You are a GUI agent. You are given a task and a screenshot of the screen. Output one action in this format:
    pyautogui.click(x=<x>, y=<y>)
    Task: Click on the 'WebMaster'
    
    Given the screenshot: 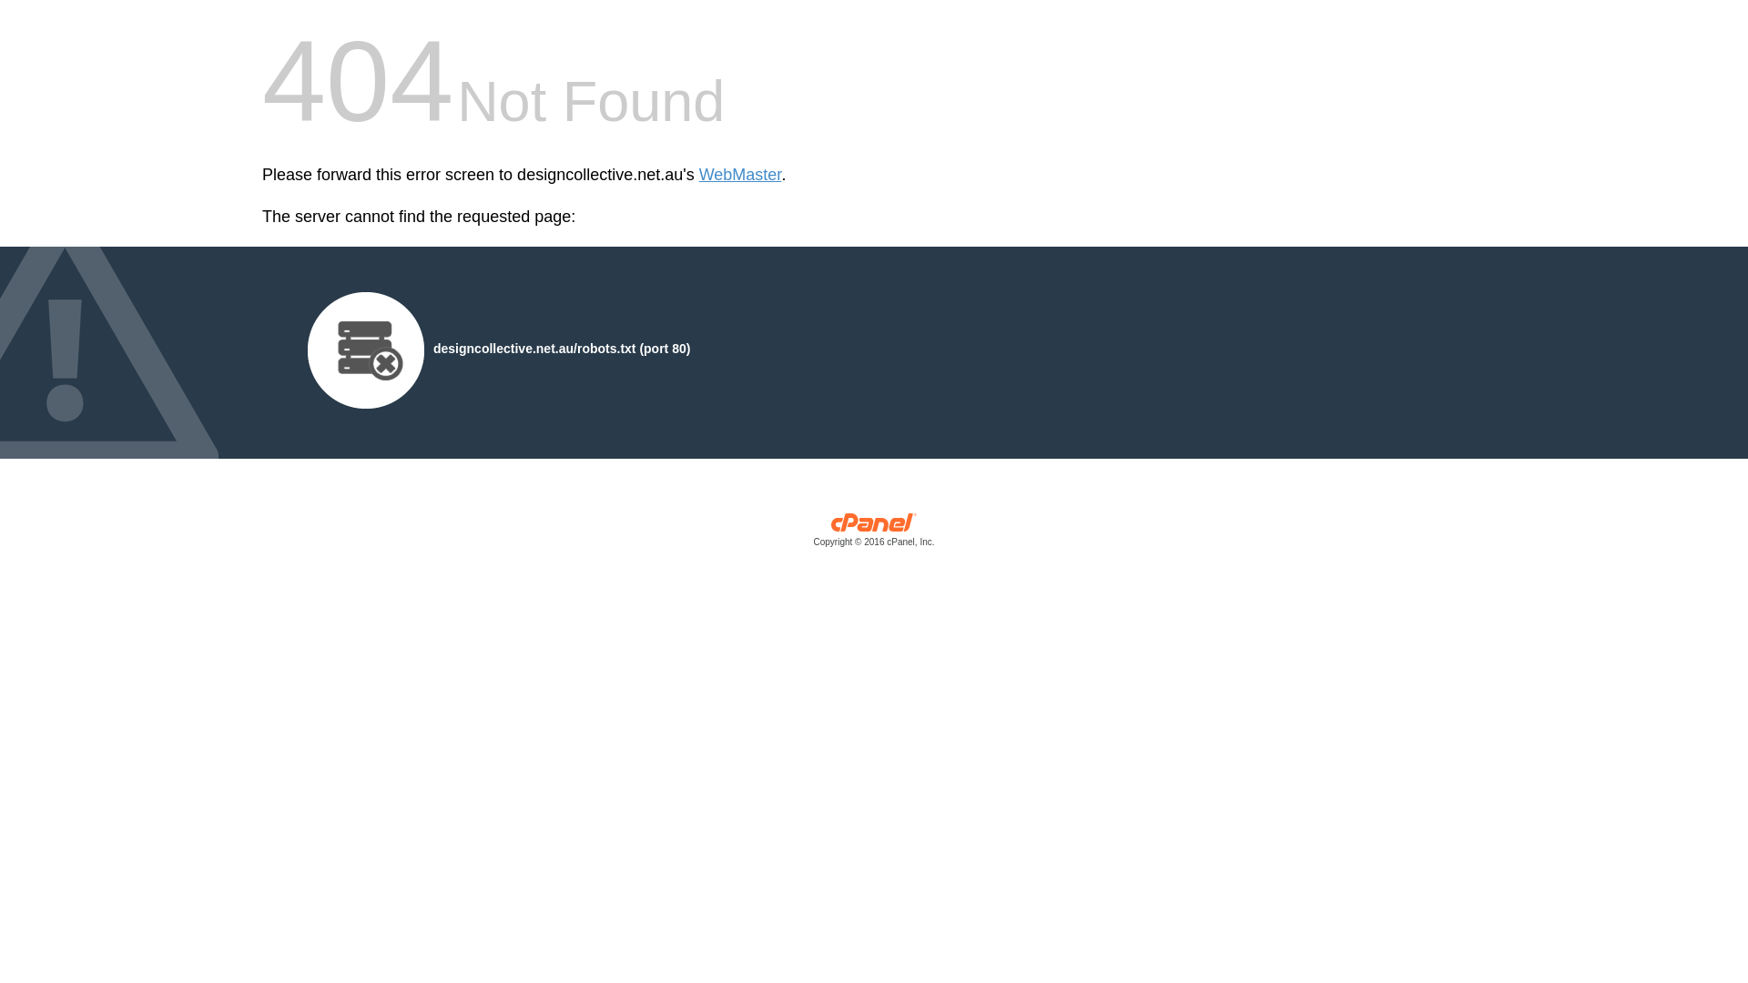 What is the action you would take?
    pyautogui.click(x=740, y=175)
    